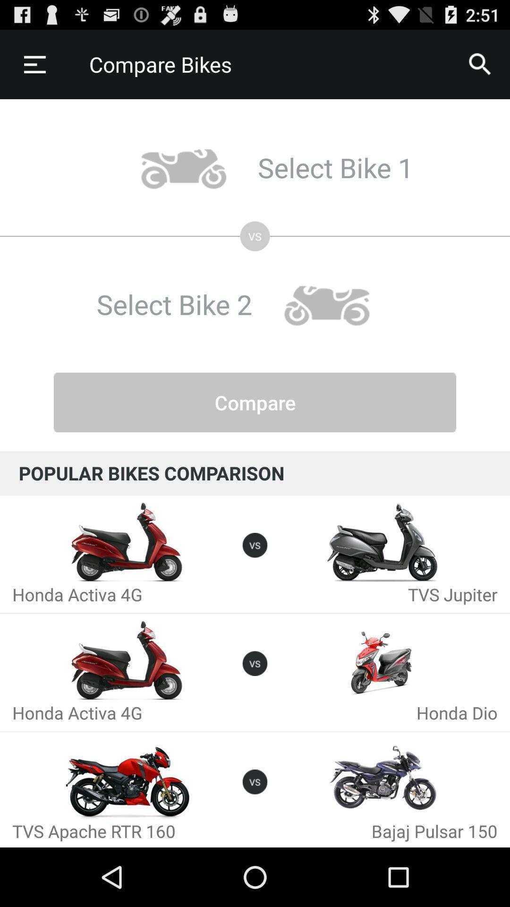 The height and width of the screenshot is (907, 510). Describe the element at coordinates (127, 660) in the screenshot. I see `the second red color bike under popular bikes comparision` at that location.